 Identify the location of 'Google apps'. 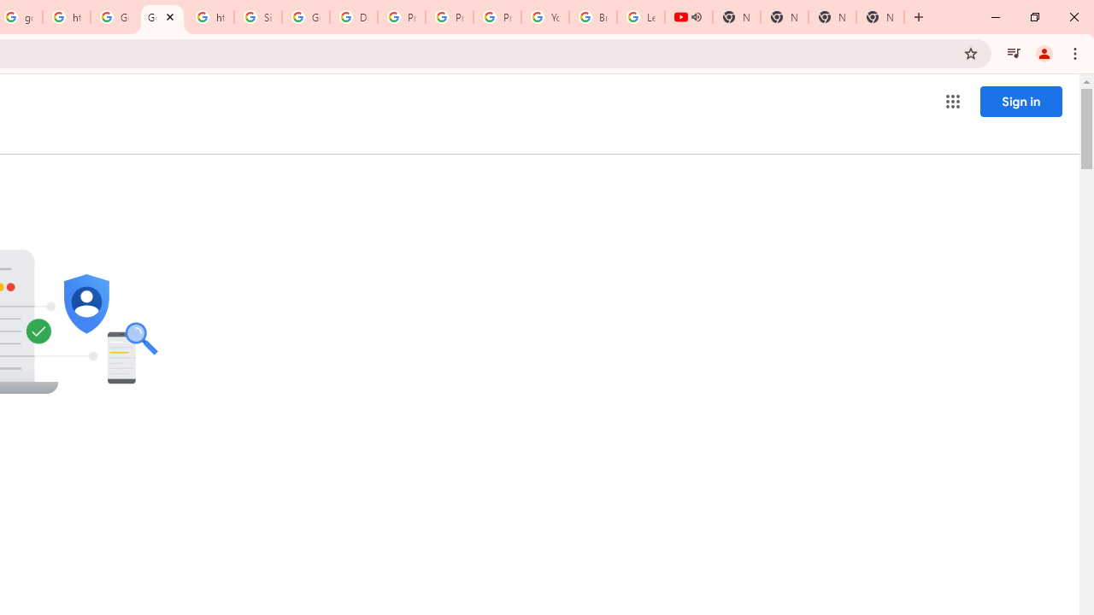
(951, 102).